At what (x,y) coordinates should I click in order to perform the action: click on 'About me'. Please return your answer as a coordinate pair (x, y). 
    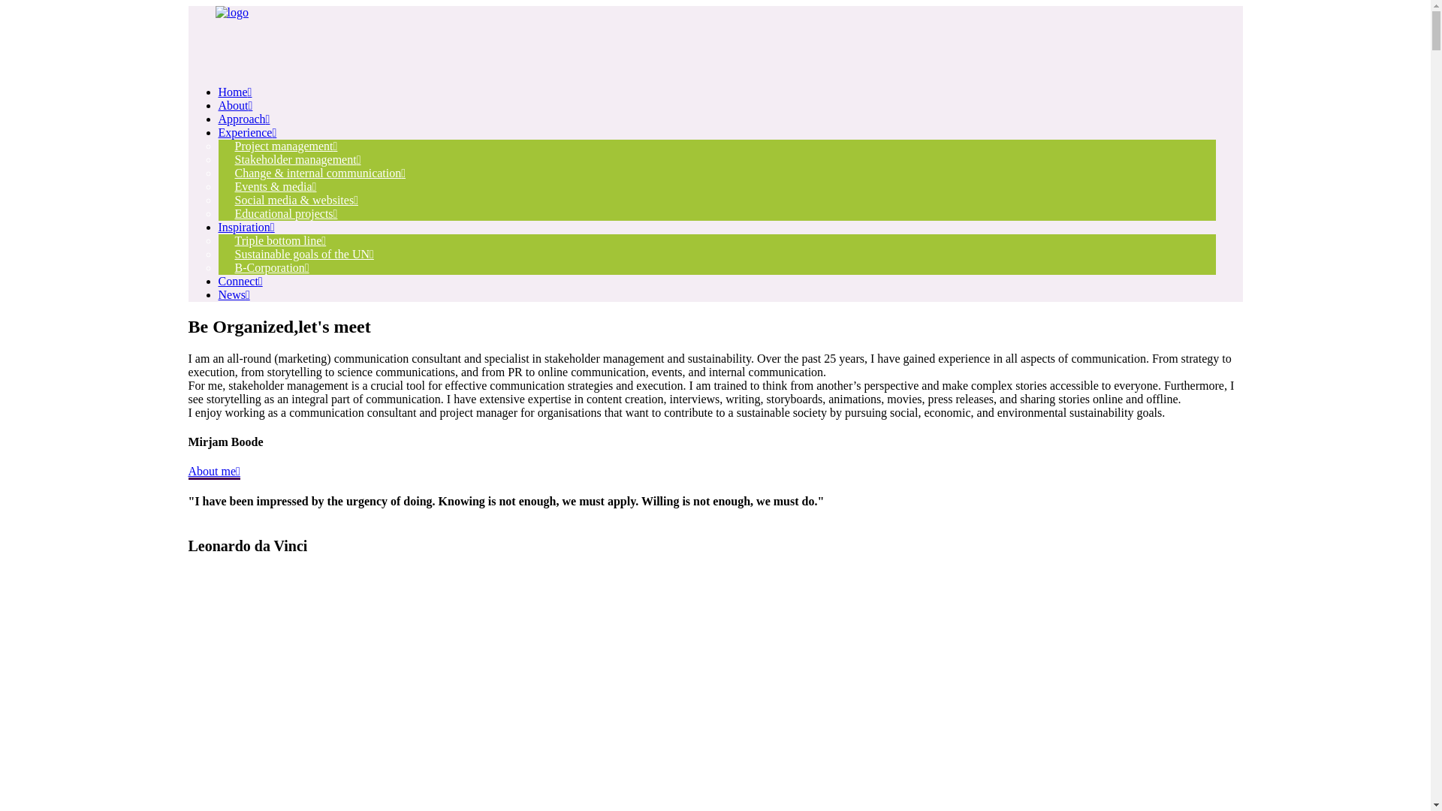
    Looking at the image, I should click on (213, 471).